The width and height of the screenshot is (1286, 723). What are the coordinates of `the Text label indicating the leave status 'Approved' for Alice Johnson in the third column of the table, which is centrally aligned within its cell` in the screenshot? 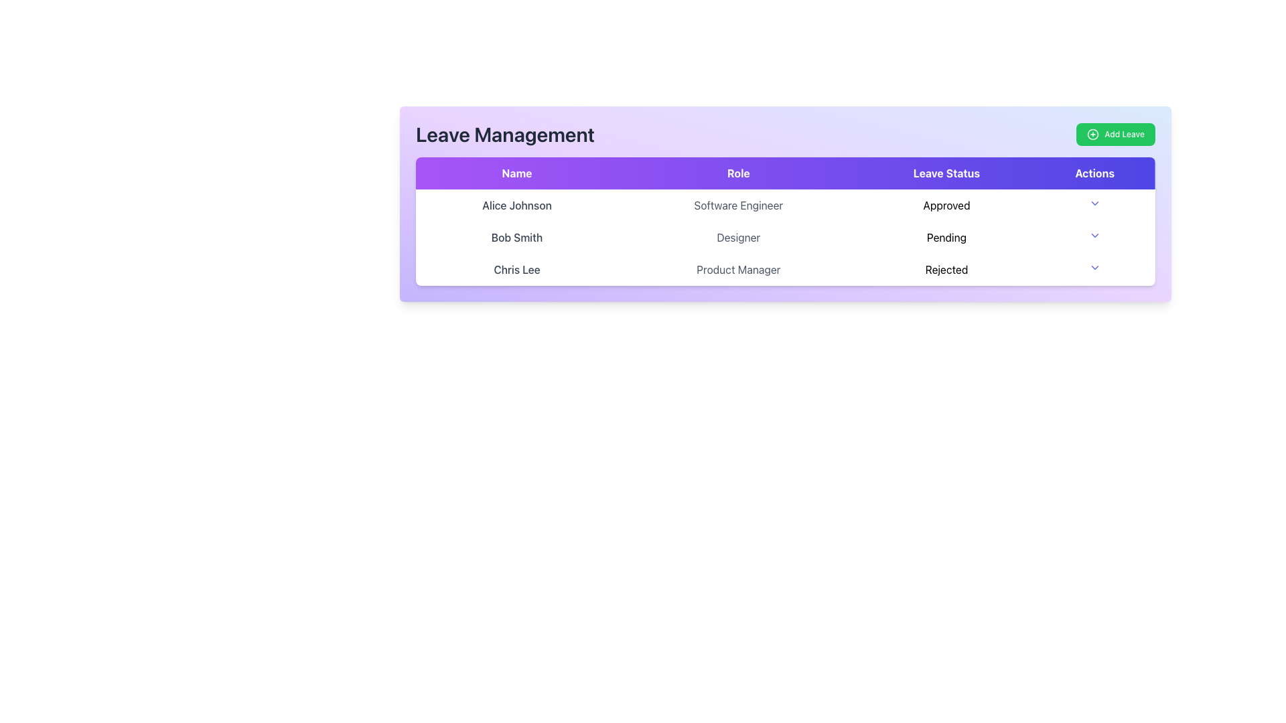 It's located at (946, 206).